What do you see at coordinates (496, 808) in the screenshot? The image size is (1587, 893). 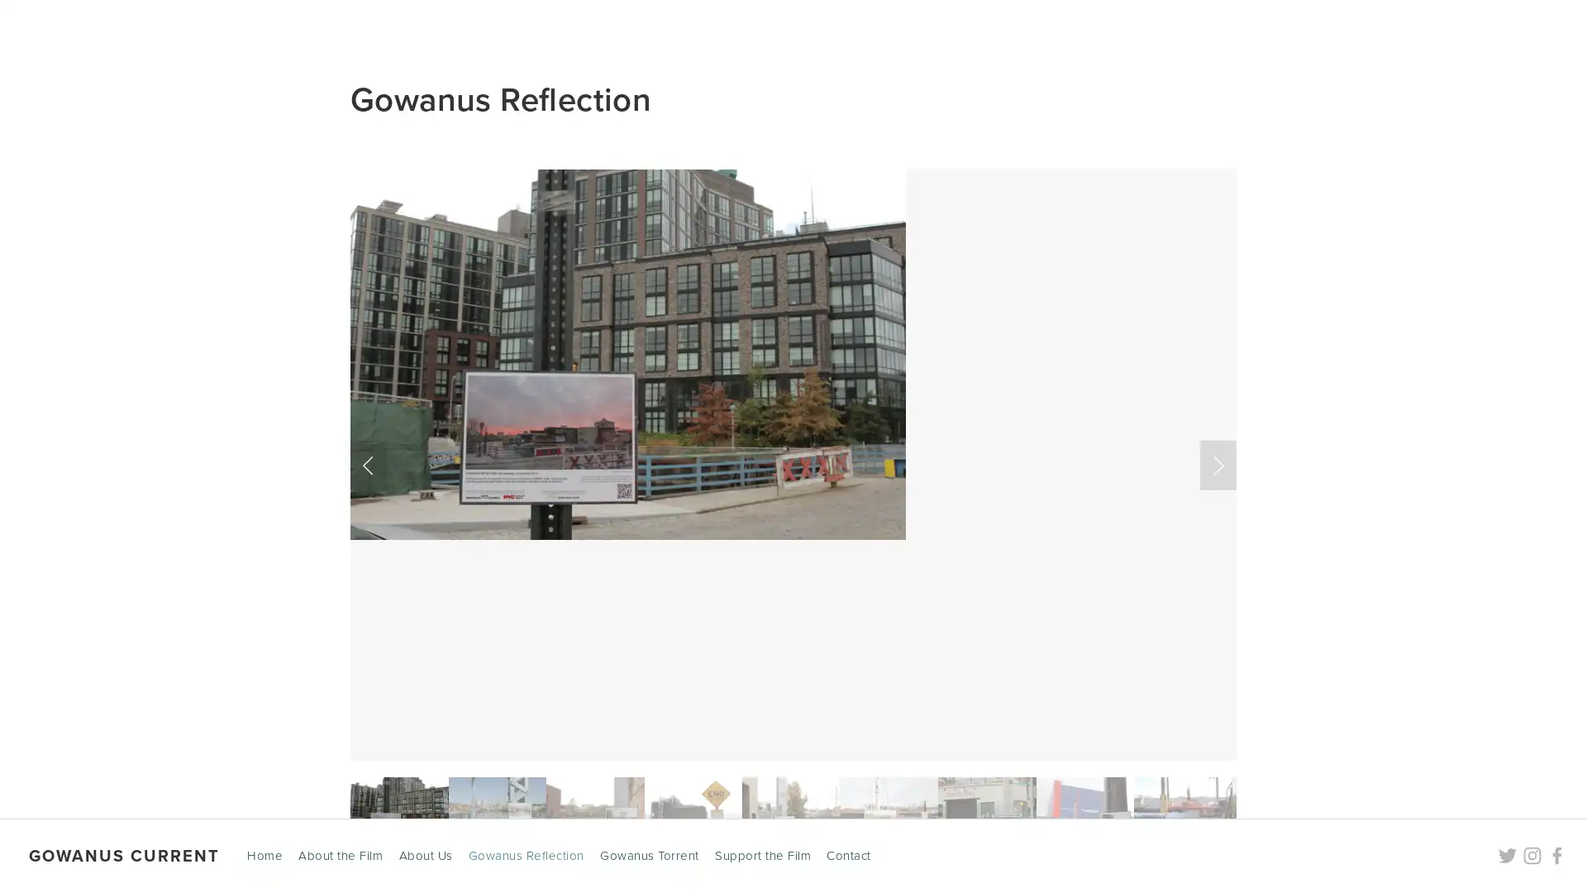 I see `Slide 2` at bounding box center [496, 808].